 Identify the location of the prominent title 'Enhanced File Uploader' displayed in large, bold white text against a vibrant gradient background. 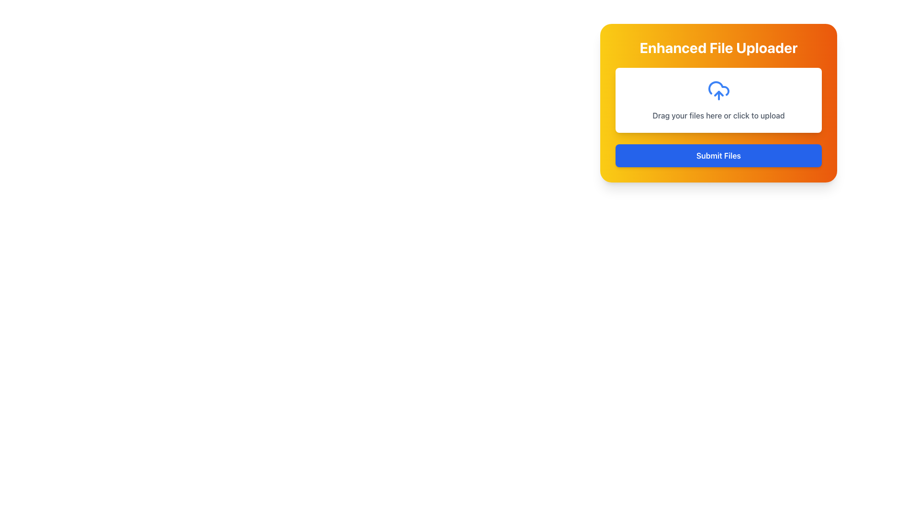
(718, 48).